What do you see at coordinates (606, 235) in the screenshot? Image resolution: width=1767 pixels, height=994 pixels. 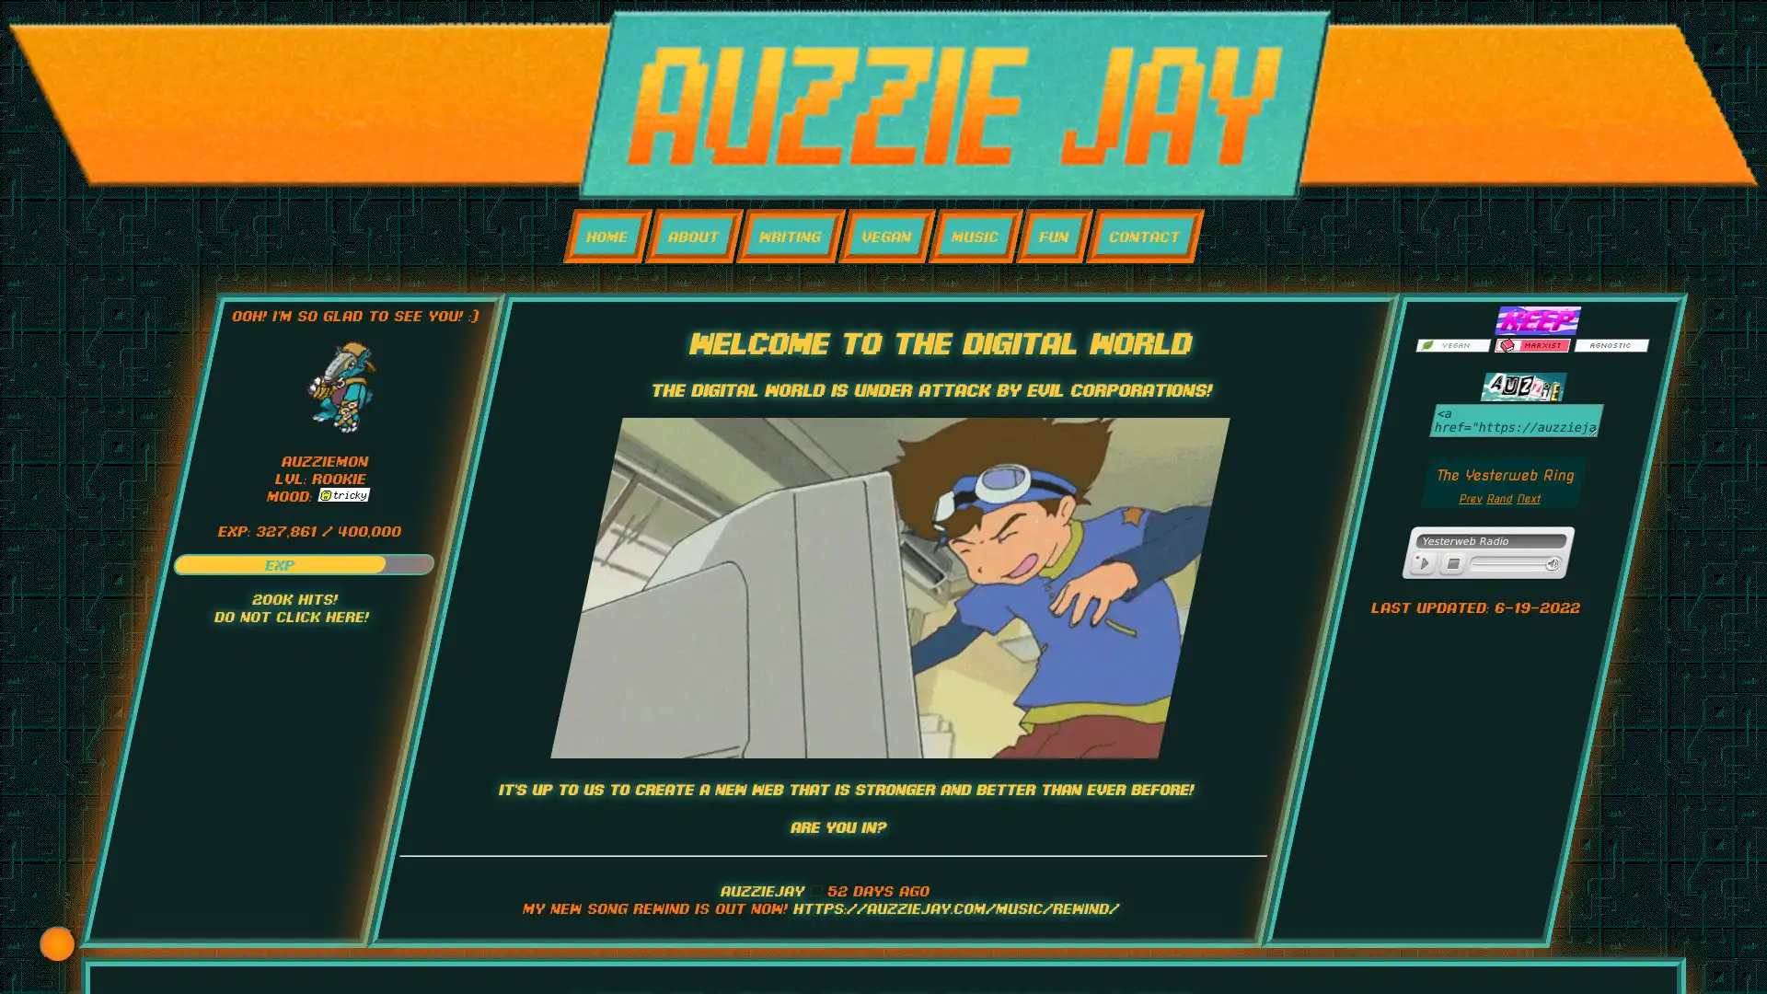 I see `HOME` at bounding box center [606, 235].